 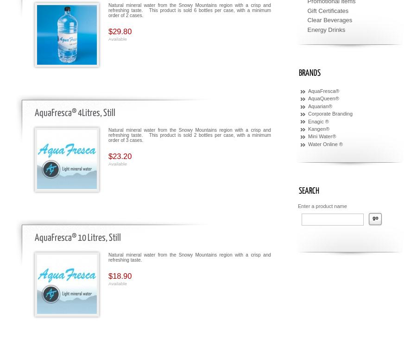 What do you see at coordinates (323, 91) in the screenshot?
I see `'AquaFresca®'` at bounding box center [323, 91].